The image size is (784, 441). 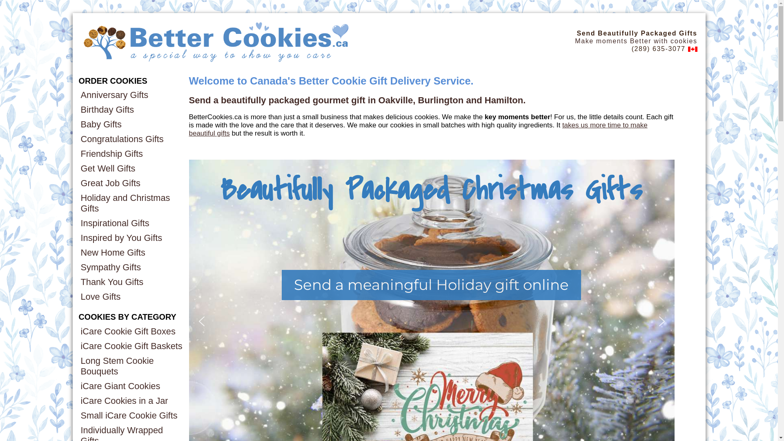 I want to click on 'Love Gifts', so click(x=131, y=296).